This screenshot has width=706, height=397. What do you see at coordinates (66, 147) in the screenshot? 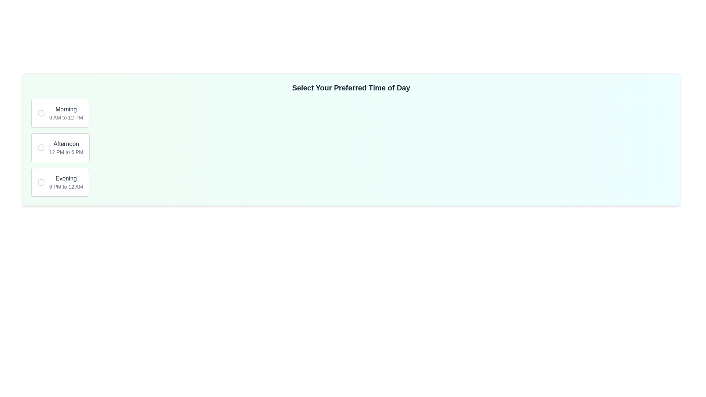
I see `text label that displays 'Afternoon' and '12 PM to 6 PM' within the second selectable box in a vertical list of options` at bounding box center [66, 147].